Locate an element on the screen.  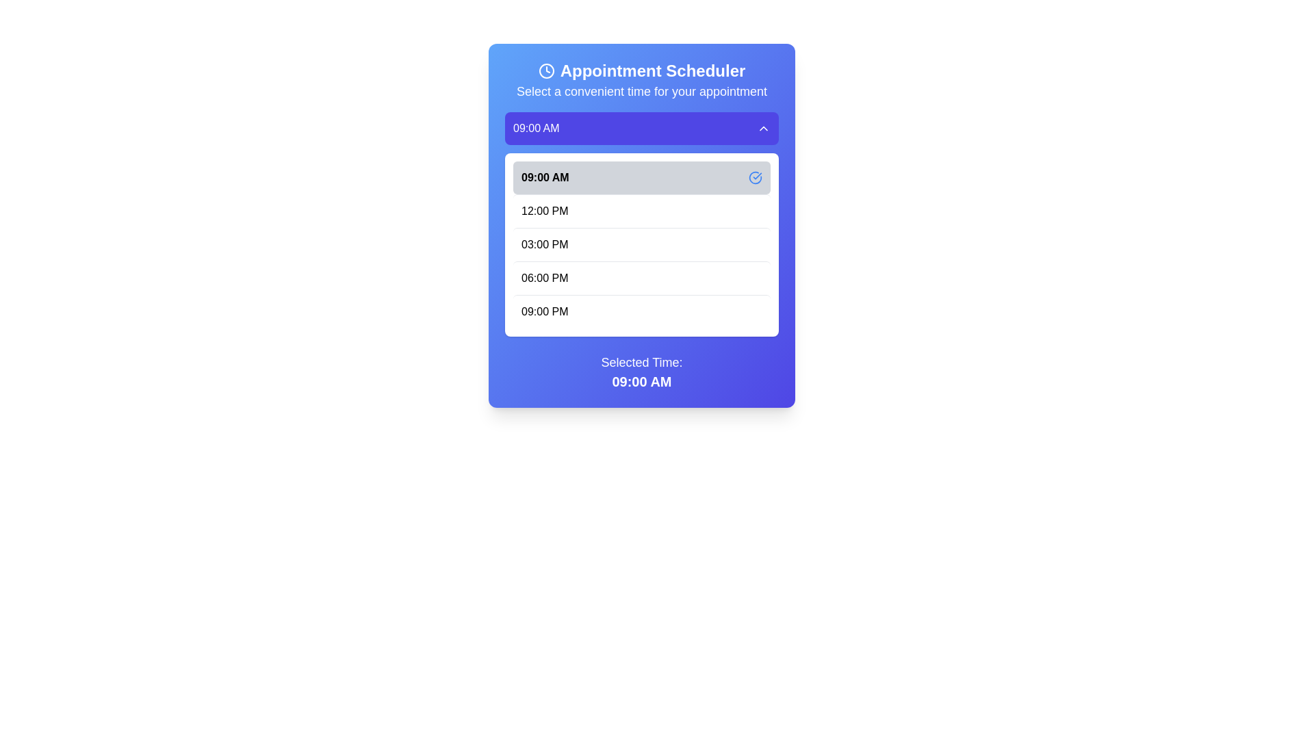
the informational label that displays the currently chosen time for an appointment, which is located at the bottom of the appointment scheduler's interface is located at coordinates (641, 372).